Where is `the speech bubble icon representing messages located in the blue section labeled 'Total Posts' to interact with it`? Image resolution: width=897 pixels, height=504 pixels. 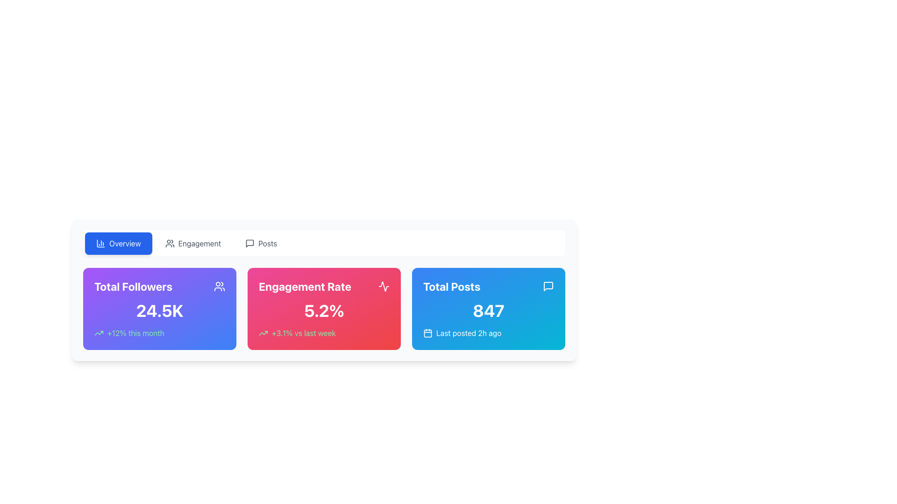 the speech bubble icon representing messages located in the blue section labeled 'Total Posts' to interact with it is located at coordinates (548, 286).